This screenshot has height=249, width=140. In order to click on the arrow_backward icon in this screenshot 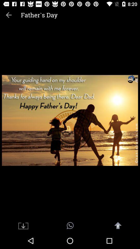, I will do `click(8, 15)`.